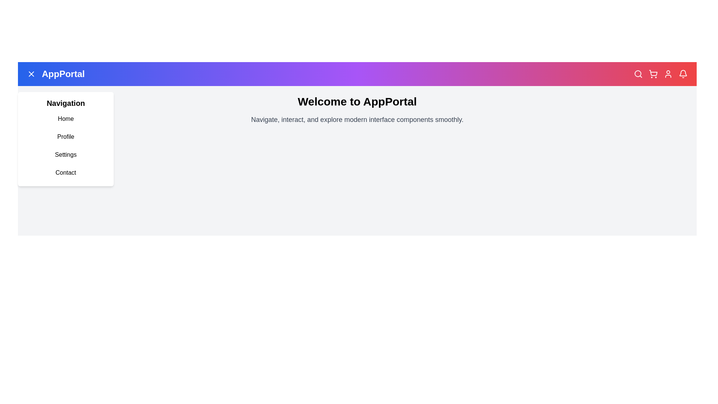 The width and height of the screenshot is (718, 404). Describe the element at coordinates (66, 173) in the screenshot. I see `the 'Contact' button located in the sidebar navigation, which is the fourth item below 'Settings'` at that location.